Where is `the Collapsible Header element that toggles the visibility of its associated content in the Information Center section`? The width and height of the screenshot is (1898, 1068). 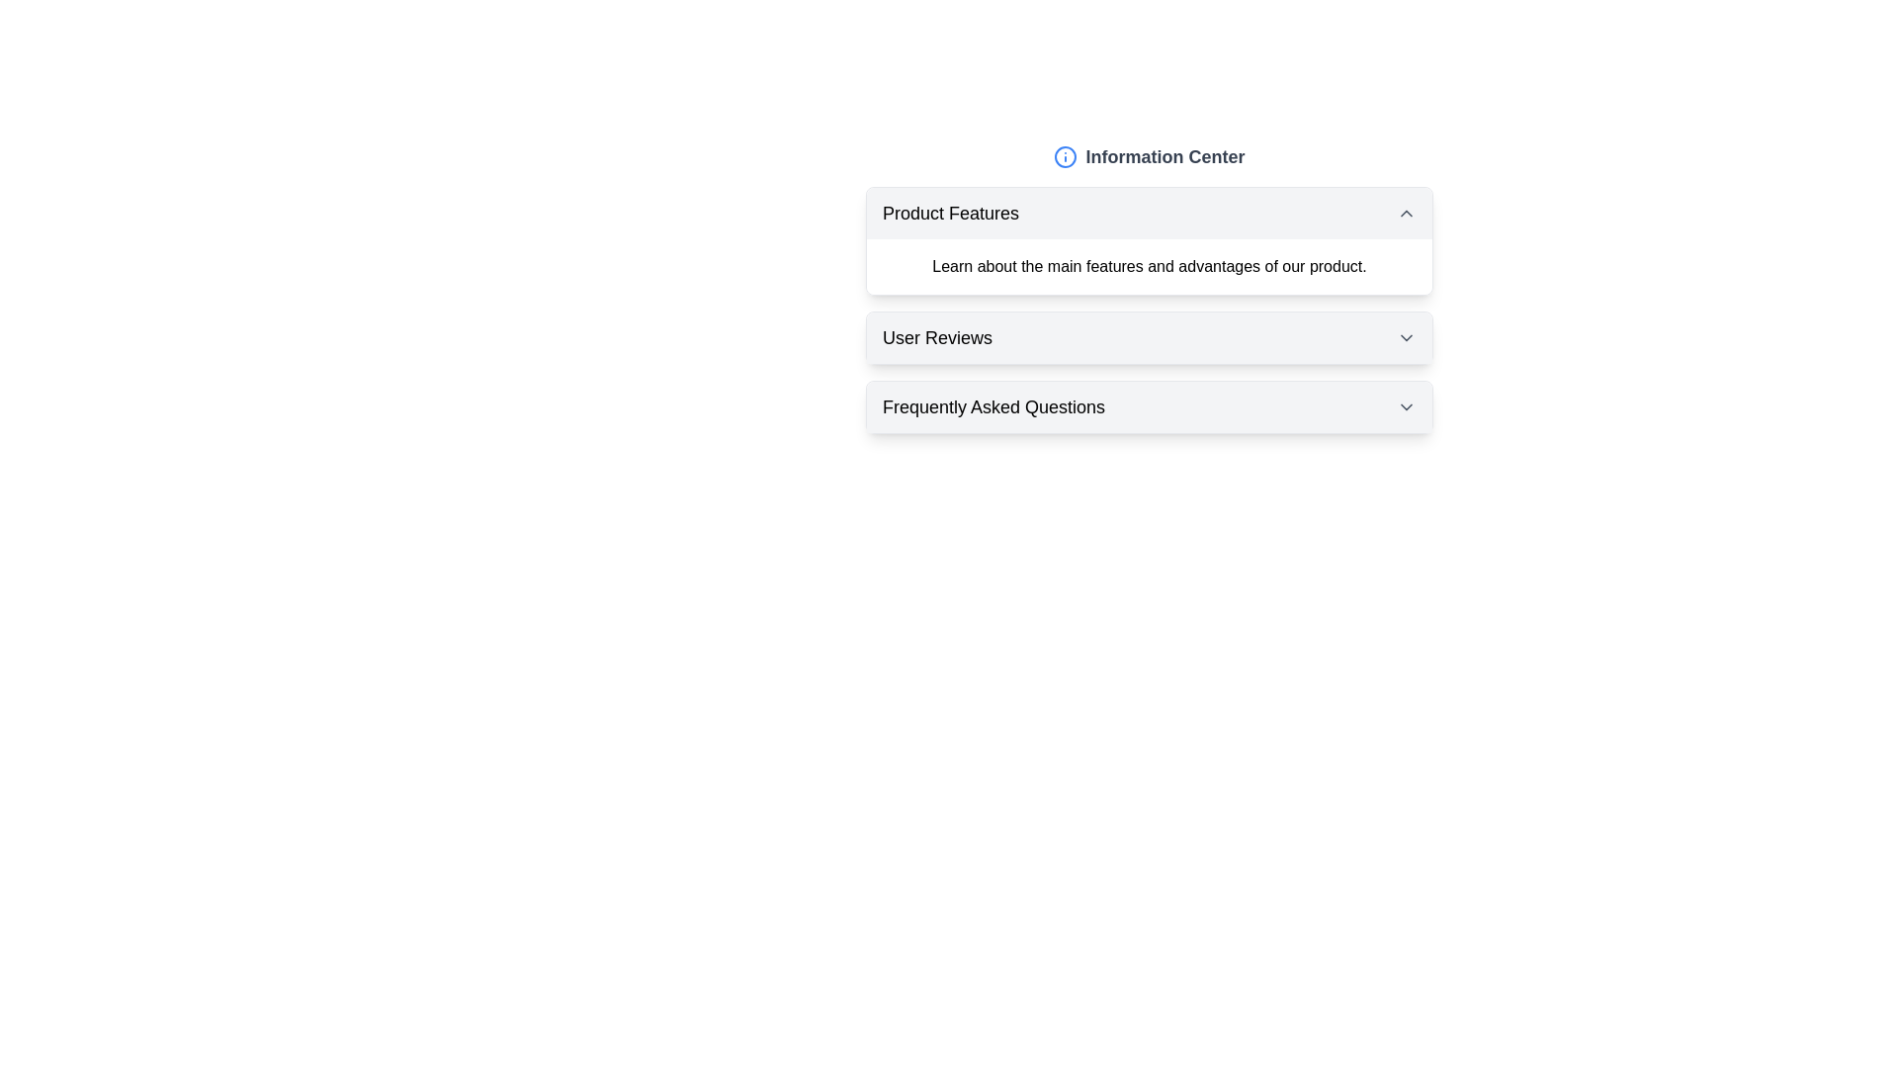 the Collapsible Header element that toggles the visibility of its associated content in the Information Center section is located at coordinates (1149, 337).